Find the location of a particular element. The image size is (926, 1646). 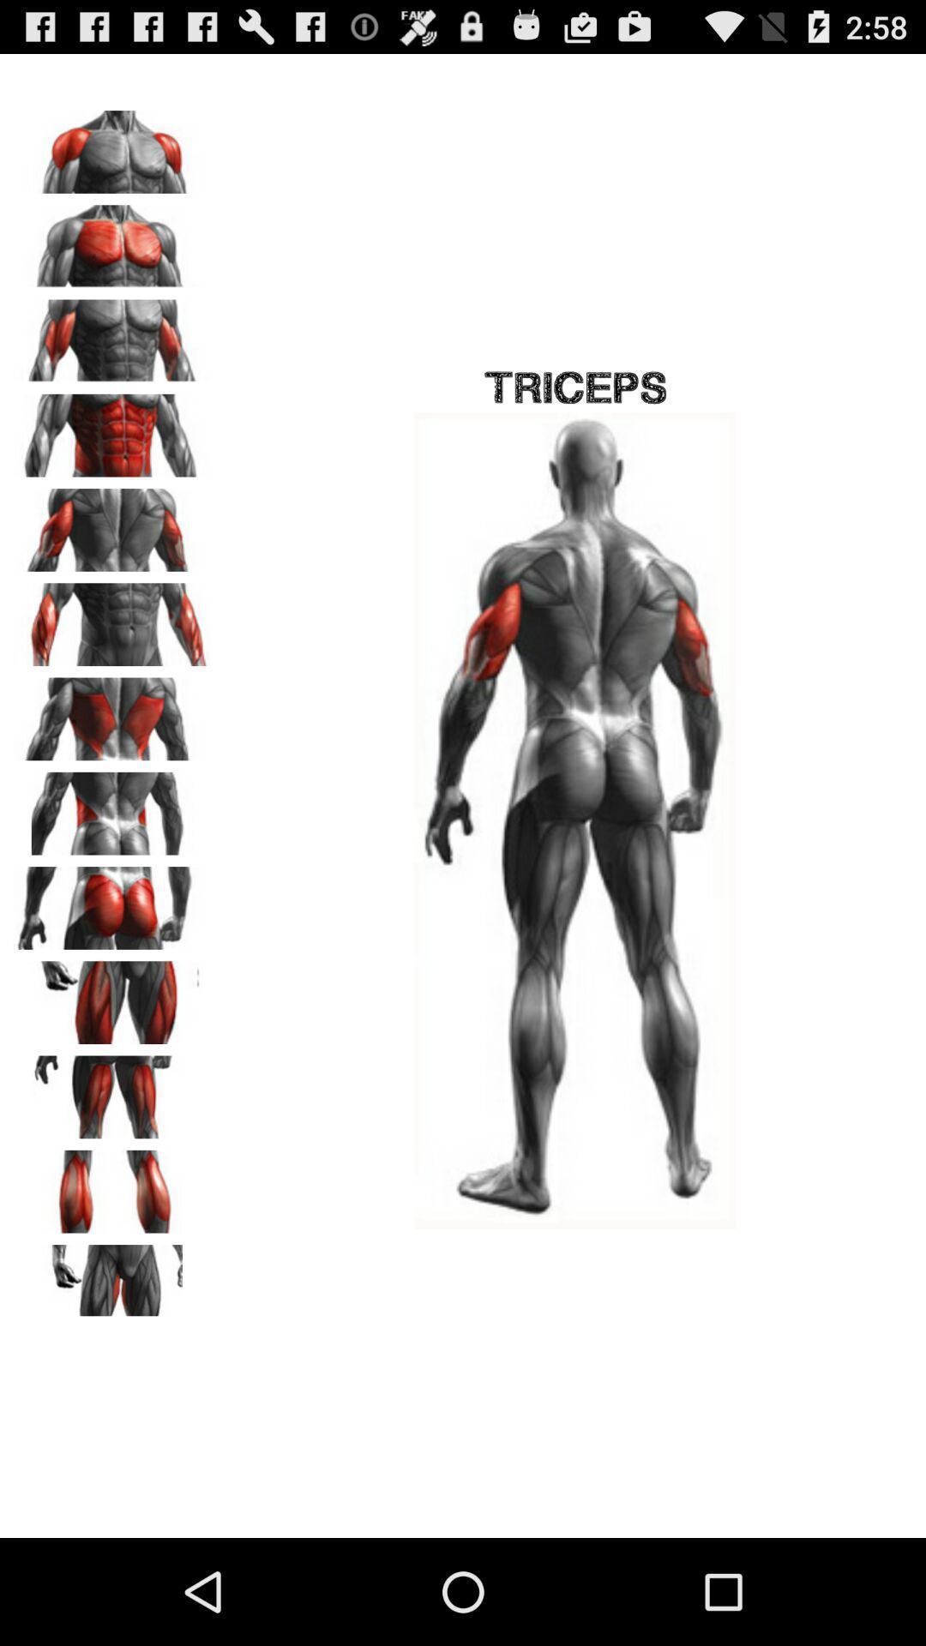

image is located at coordinates (112, 430).